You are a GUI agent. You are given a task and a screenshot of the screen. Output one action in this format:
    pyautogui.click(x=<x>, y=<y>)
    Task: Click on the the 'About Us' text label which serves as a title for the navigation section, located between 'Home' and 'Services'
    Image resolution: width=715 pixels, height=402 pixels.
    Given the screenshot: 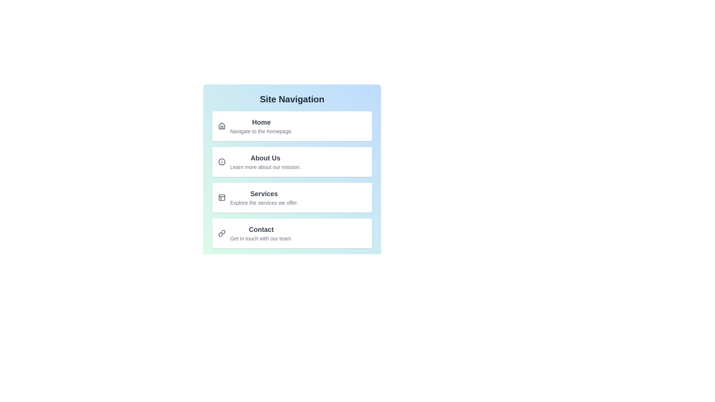 What is the action you would take?
    pyautogui.click(x=265, y=157)
    